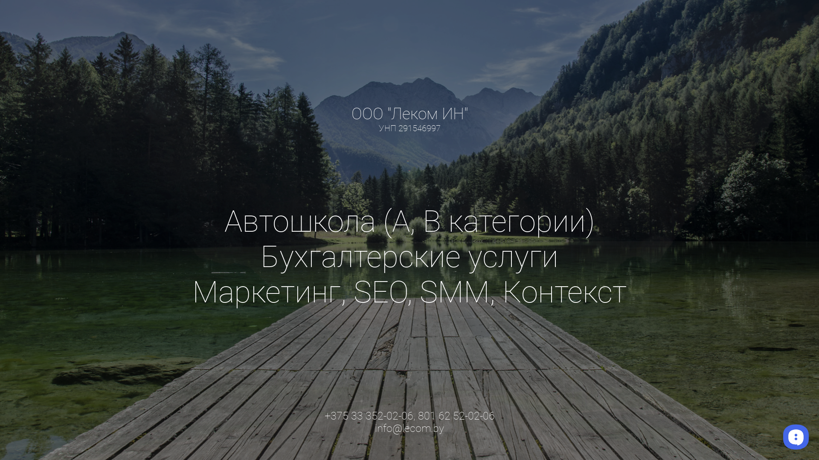  I want to click on '__replain_widget_iframe', so click(780, 437).